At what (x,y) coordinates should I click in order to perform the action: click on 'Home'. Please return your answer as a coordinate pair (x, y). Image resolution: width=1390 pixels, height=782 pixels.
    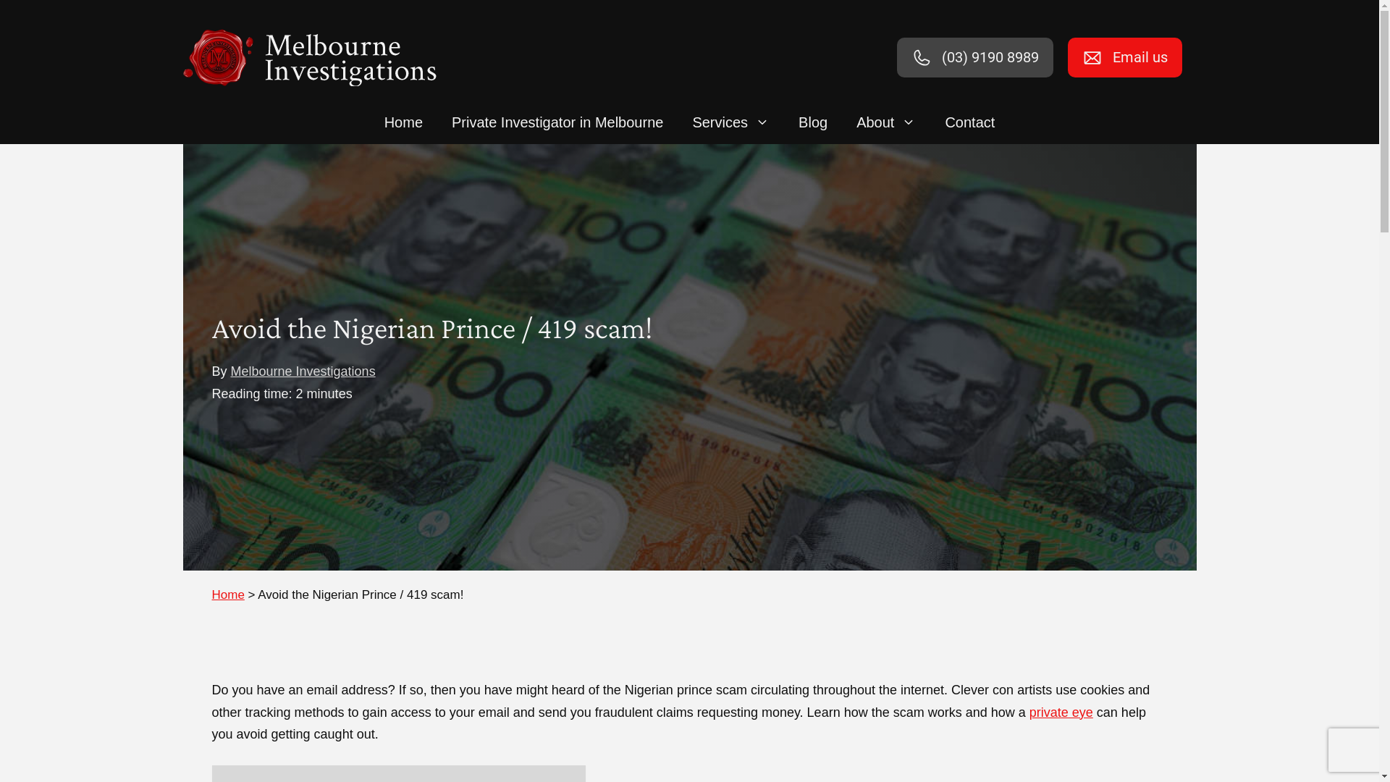
    Looking at the image, I should click on (211, 594).